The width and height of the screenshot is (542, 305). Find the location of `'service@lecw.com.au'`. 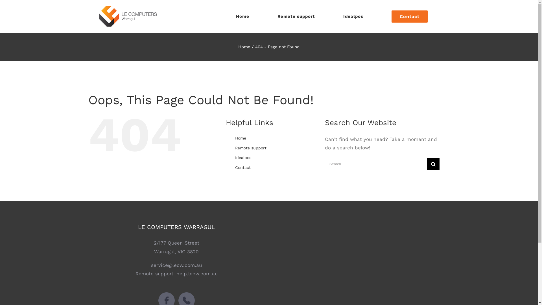

'service@lecw.com.au' is located at coordinates (176, 265).